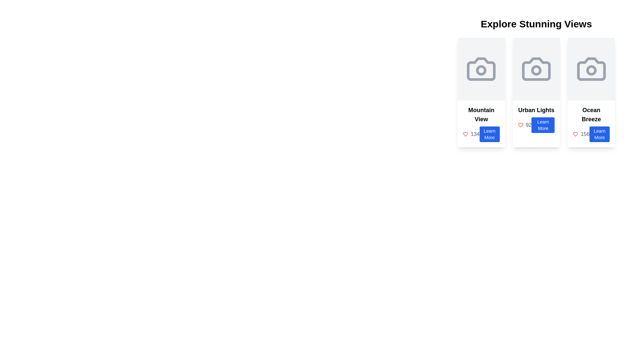  I want to click on the blue rectangular button labeled 'Learn More' located at the bottom-right corner of the 'Urban Lights' card, so click(536, 125).